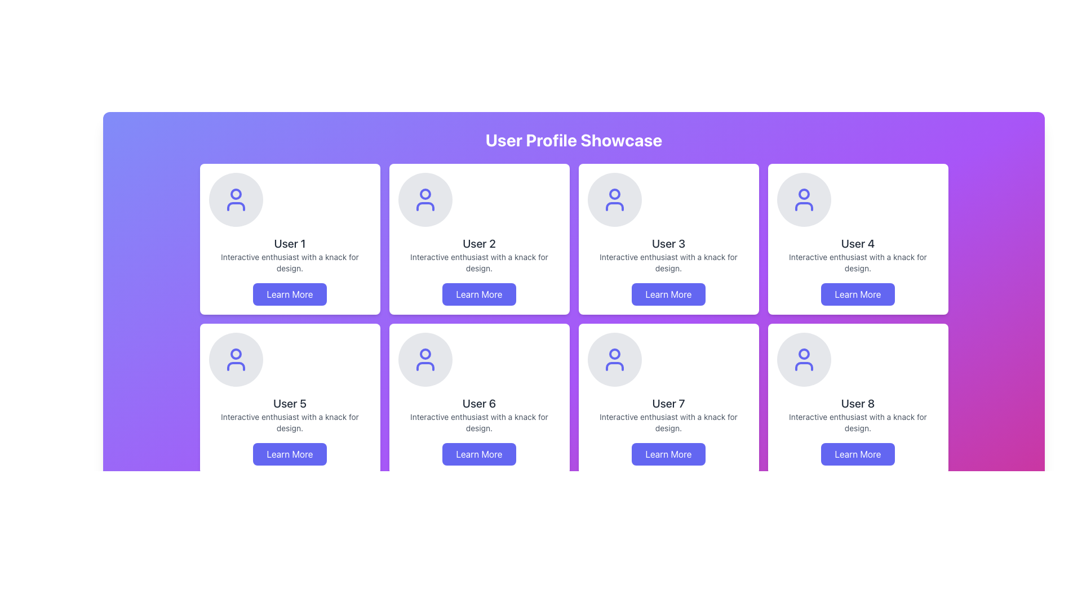  What do you see at coordinates (803, 193) in the screenshot?
I see `the SVG circle that forms part of the user profile icon located at the top-center of the 'User 4' card in the grid layout` at bounding box center [803, 193].